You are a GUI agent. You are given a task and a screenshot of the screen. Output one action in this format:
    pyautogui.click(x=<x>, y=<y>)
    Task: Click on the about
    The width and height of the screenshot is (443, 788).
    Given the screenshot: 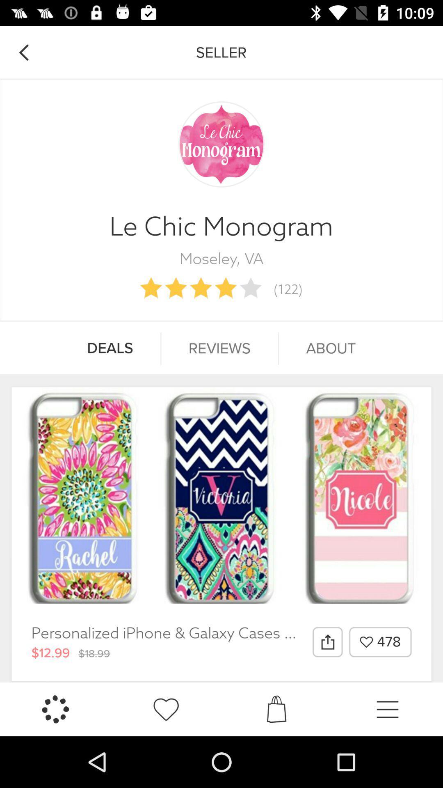 What is the action you would take?
    pyautogui.click(x=330, y=348)
    